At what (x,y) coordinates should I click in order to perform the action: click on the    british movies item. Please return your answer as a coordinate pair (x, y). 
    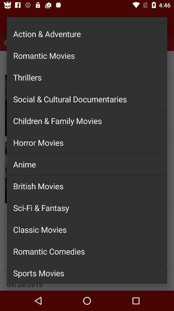
    Looking at the image, I should click on (87, 186).